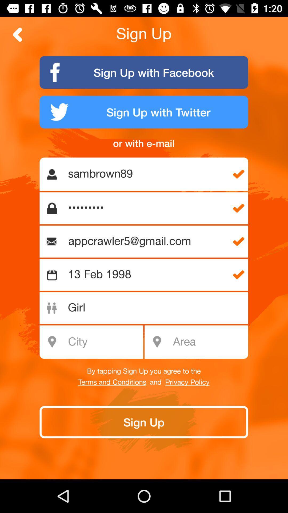 Image resolution: width=288 pixels, height=513 pixels. What do you see at coordinates (17, 34) in the screenshot?
I see `go back` at bounding box center [17, 34].